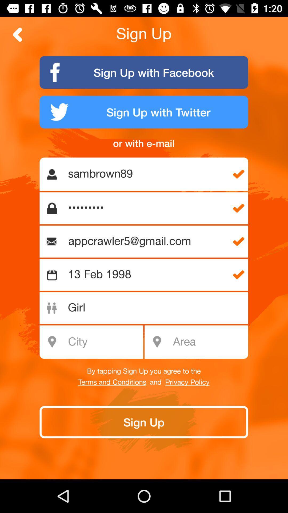 Image resolution: width=288 pixels, height=513 pixels. What do you see at coordinates (17, 34) in the screenshot?
I see `go back` at bounding box center [17, 34].